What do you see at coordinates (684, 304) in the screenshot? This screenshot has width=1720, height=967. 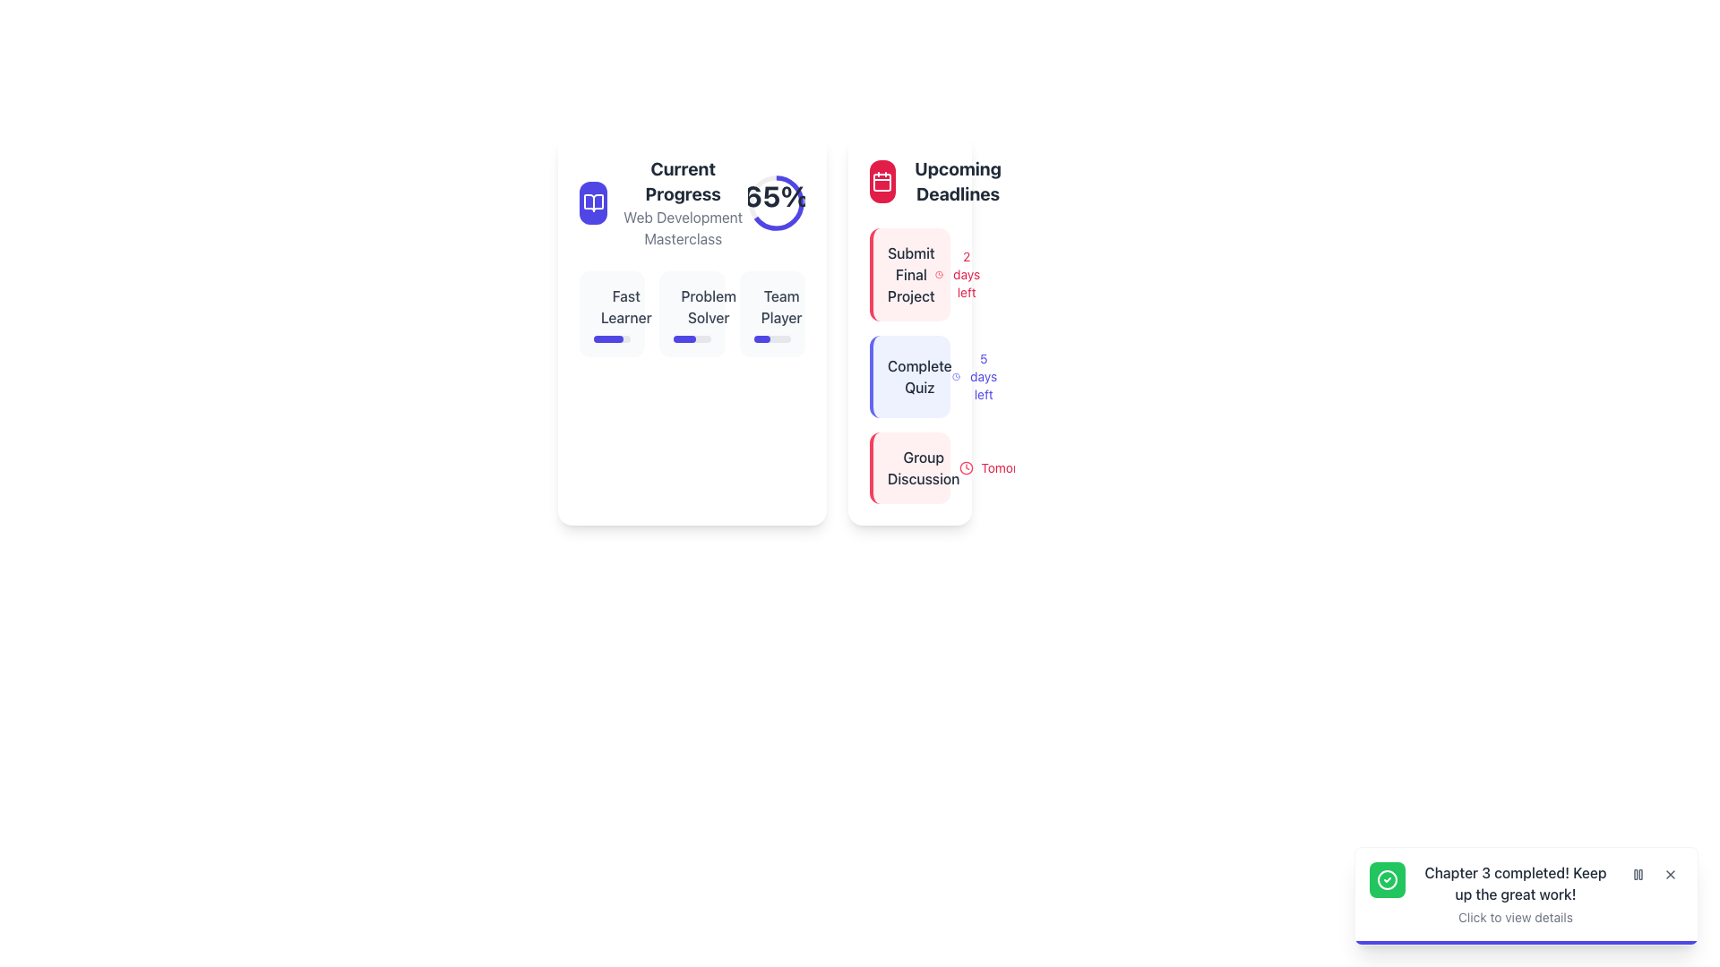 I see `the circular graphical component within the SVG representation located in the 'Current Progress' section under the 'Problem Solver' label` at bounding box center [684, 304].